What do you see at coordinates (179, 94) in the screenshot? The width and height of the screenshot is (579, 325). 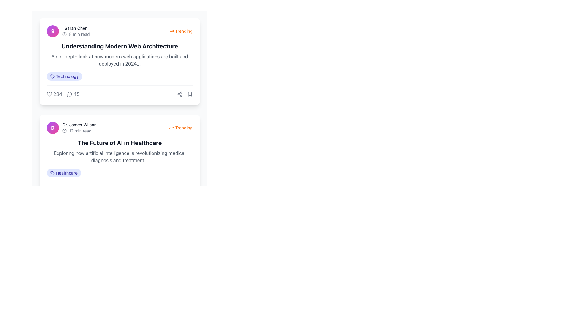 I see `the share icon represented by three connected circles with lines in the upper-right corner of the first article card to initiate sharing` at bounding box center [179, 94].